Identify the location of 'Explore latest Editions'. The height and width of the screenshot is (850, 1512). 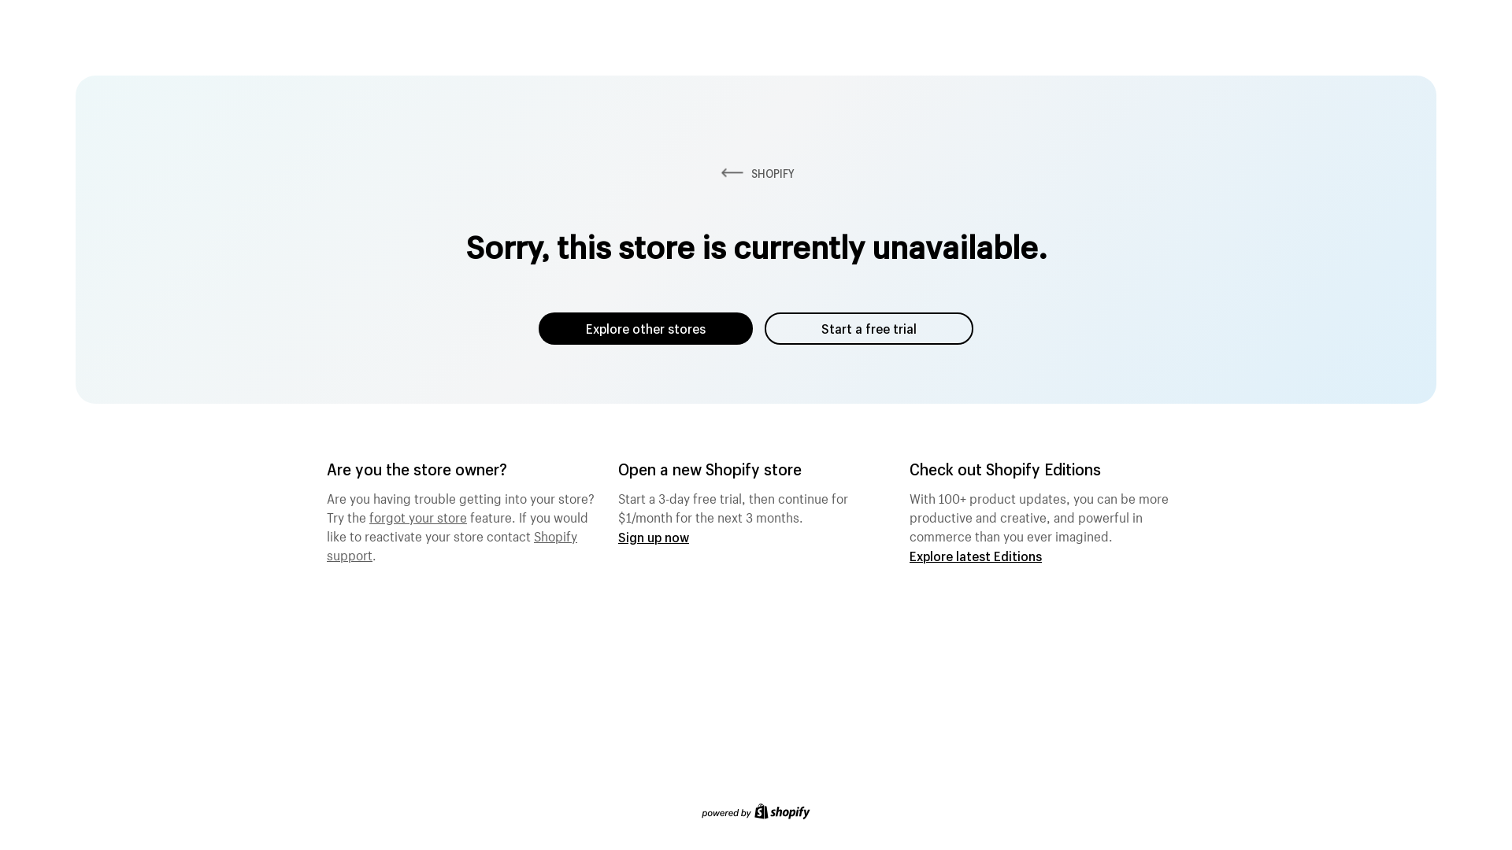
(974, 555).